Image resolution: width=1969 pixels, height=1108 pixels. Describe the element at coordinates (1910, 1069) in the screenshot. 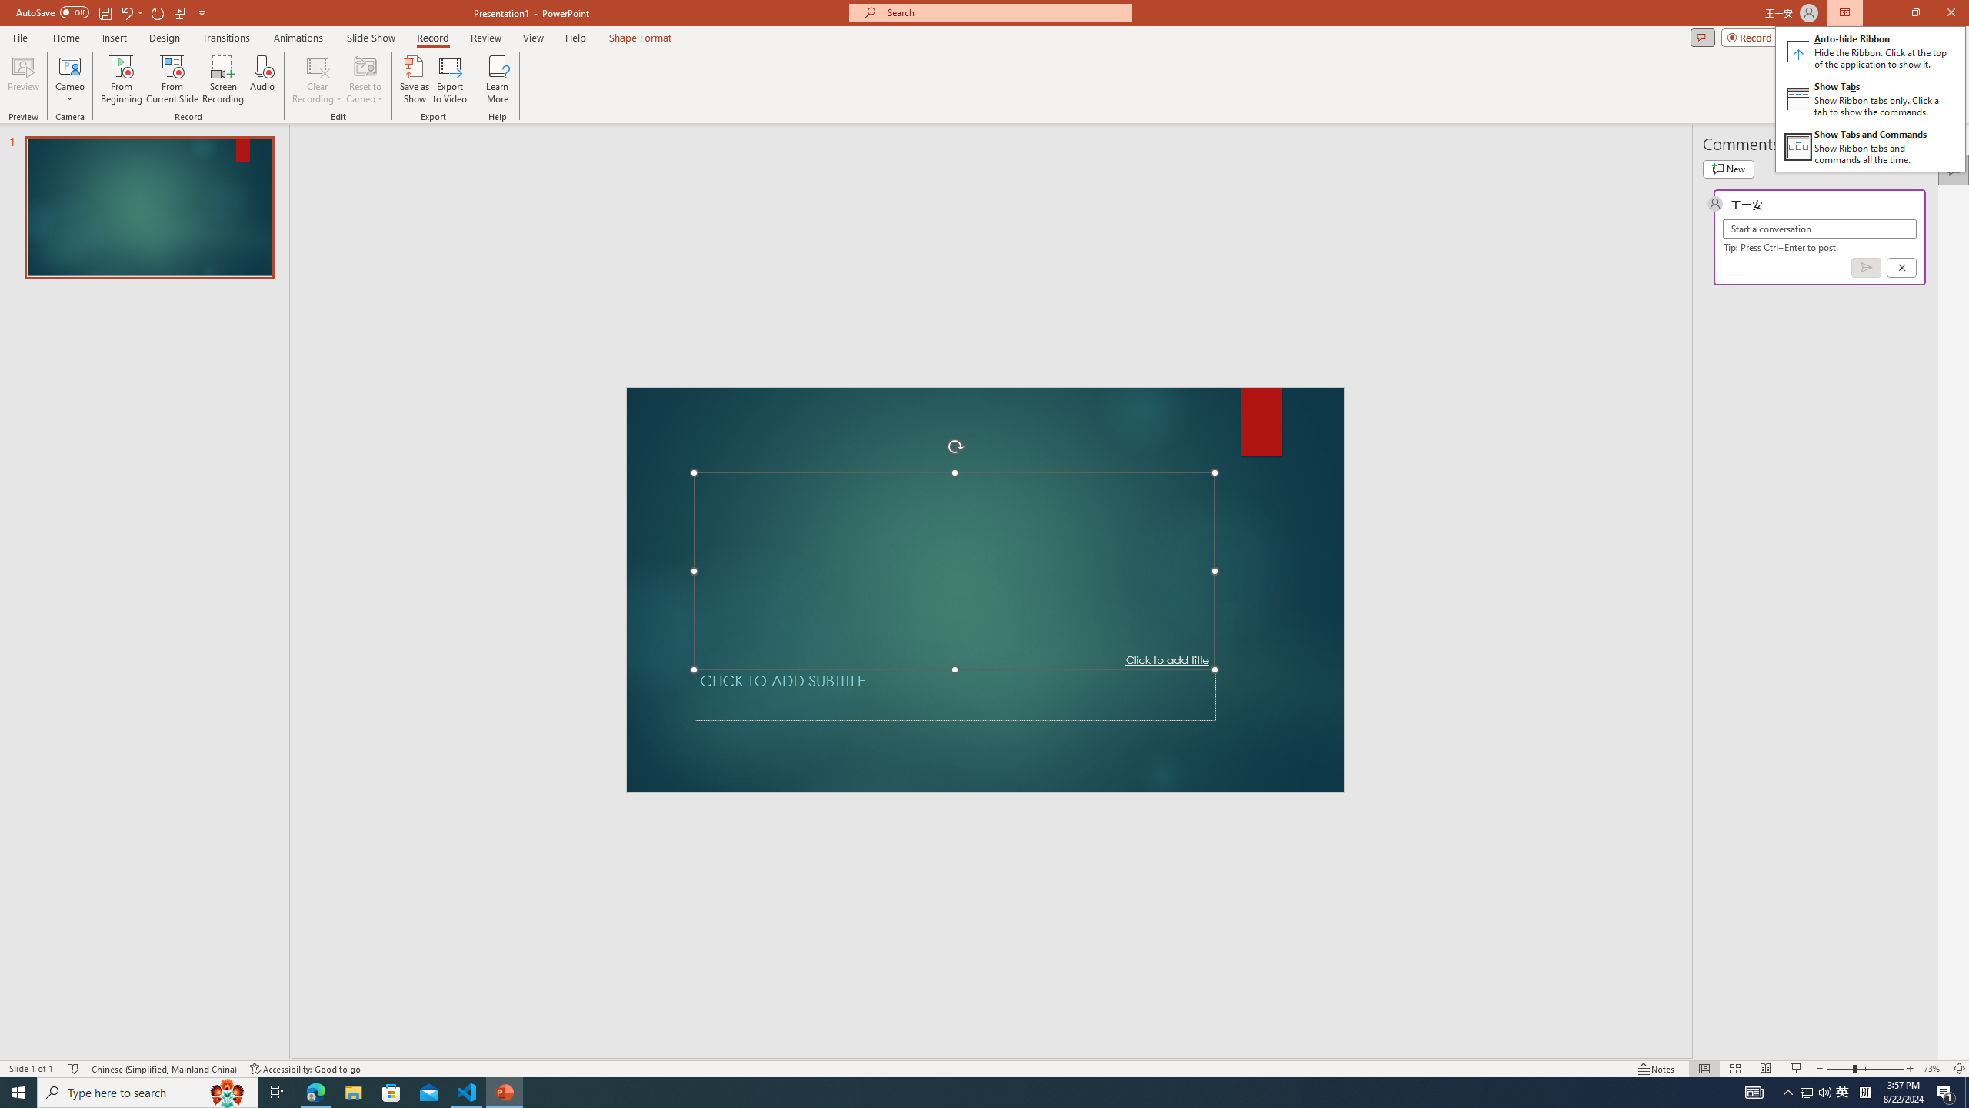

I see `'Zoom In'` at that location.